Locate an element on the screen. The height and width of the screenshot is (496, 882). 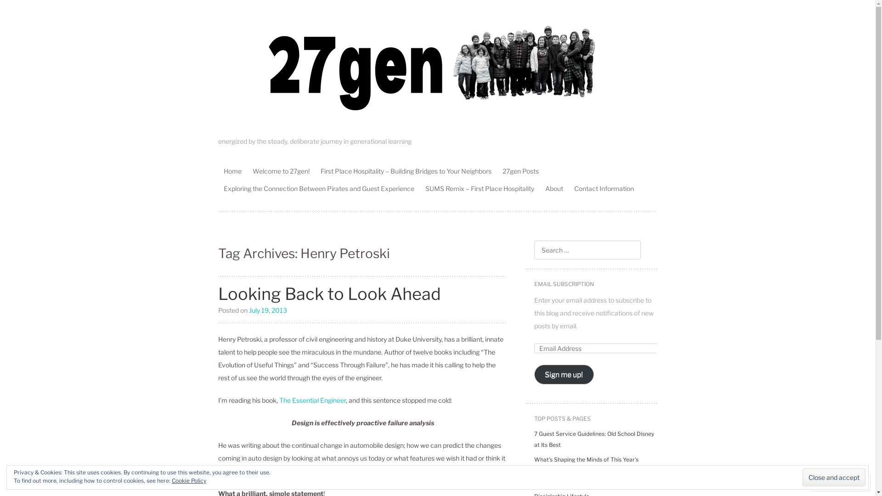
'The Essential Engineer' is located at coordinates (279, 399).